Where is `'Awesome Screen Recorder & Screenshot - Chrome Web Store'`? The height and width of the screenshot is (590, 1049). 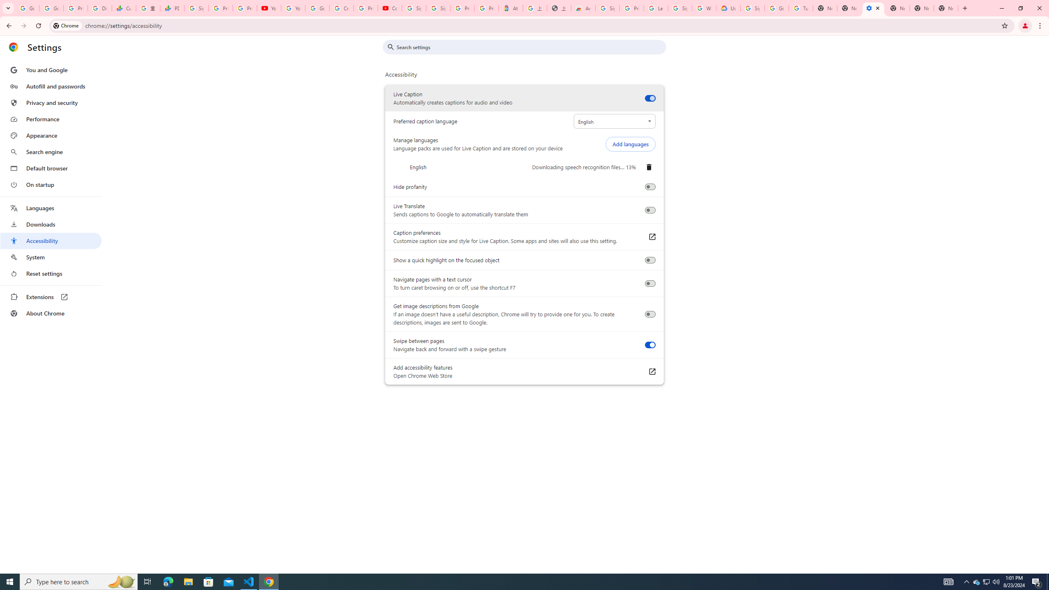
'Awesome Screen Recorder & Screenshot - Chrome Web Store' is located at coordinates (583, 8).